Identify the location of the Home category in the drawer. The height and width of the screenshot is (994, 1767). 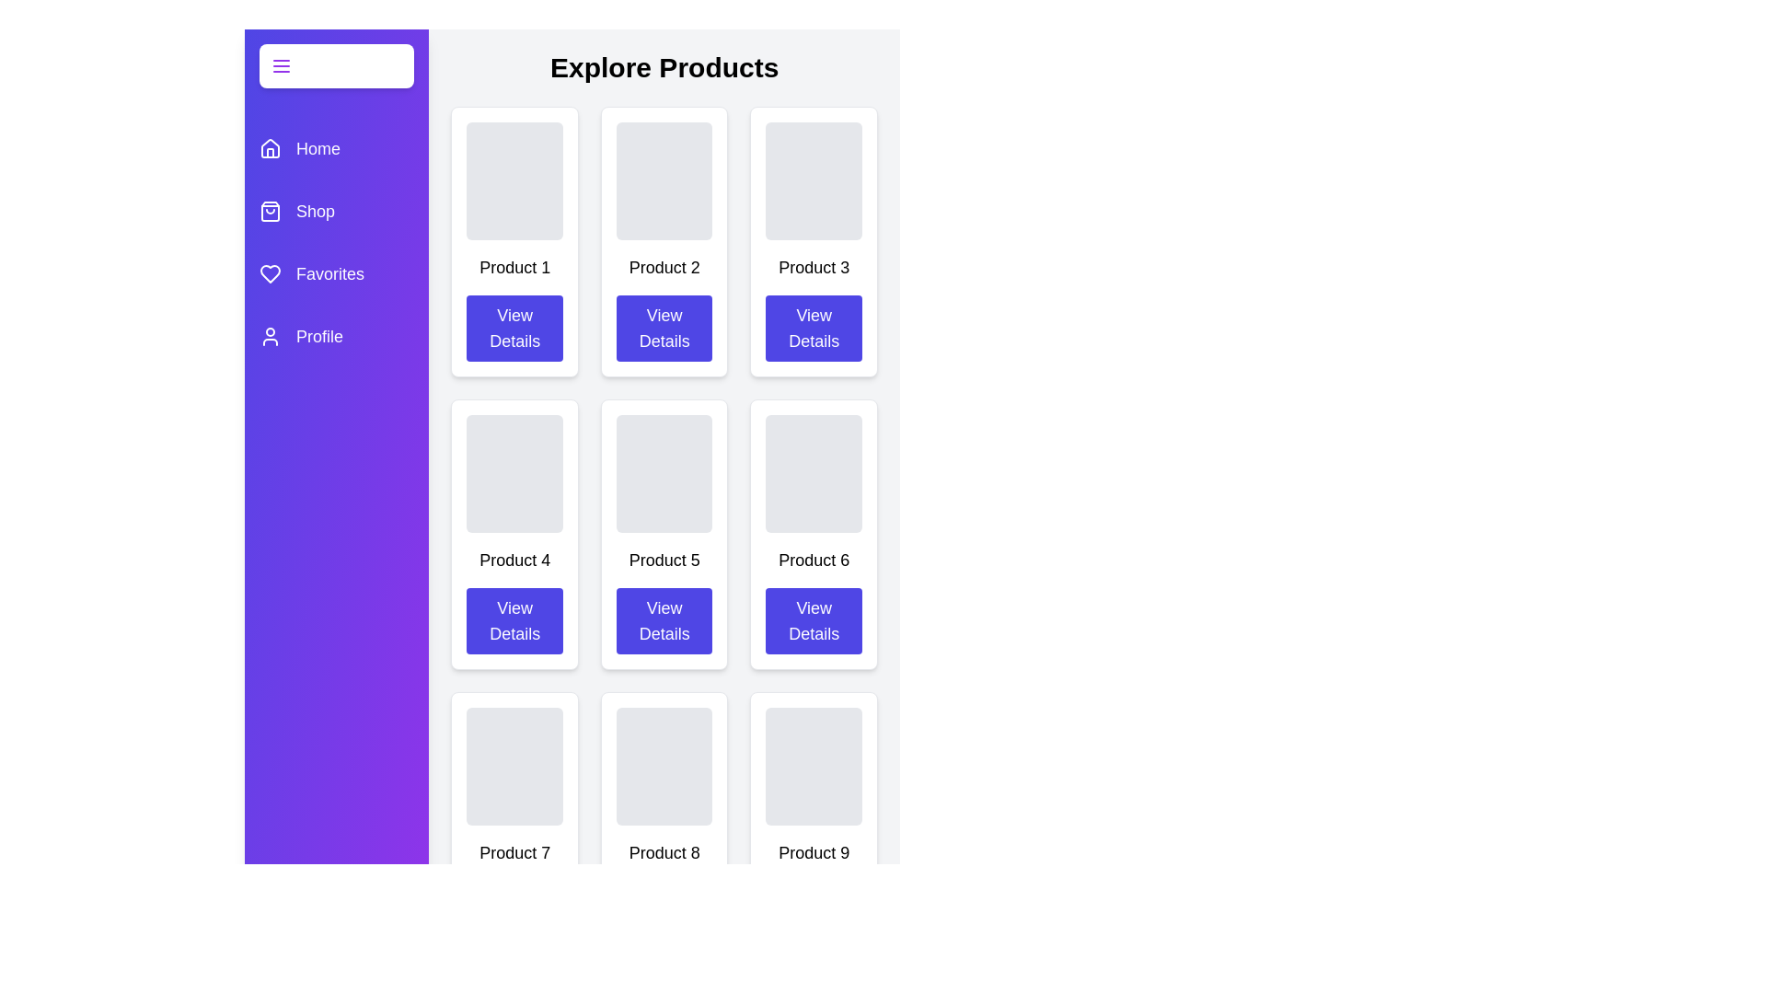
(336, 148).